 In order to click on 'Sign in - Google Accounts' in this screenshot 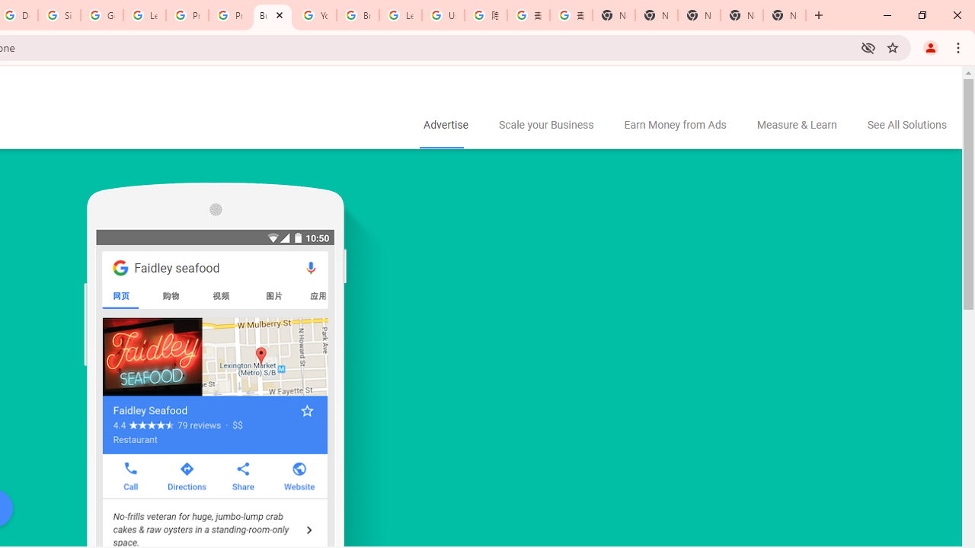, I will do `click(59, 15)`.